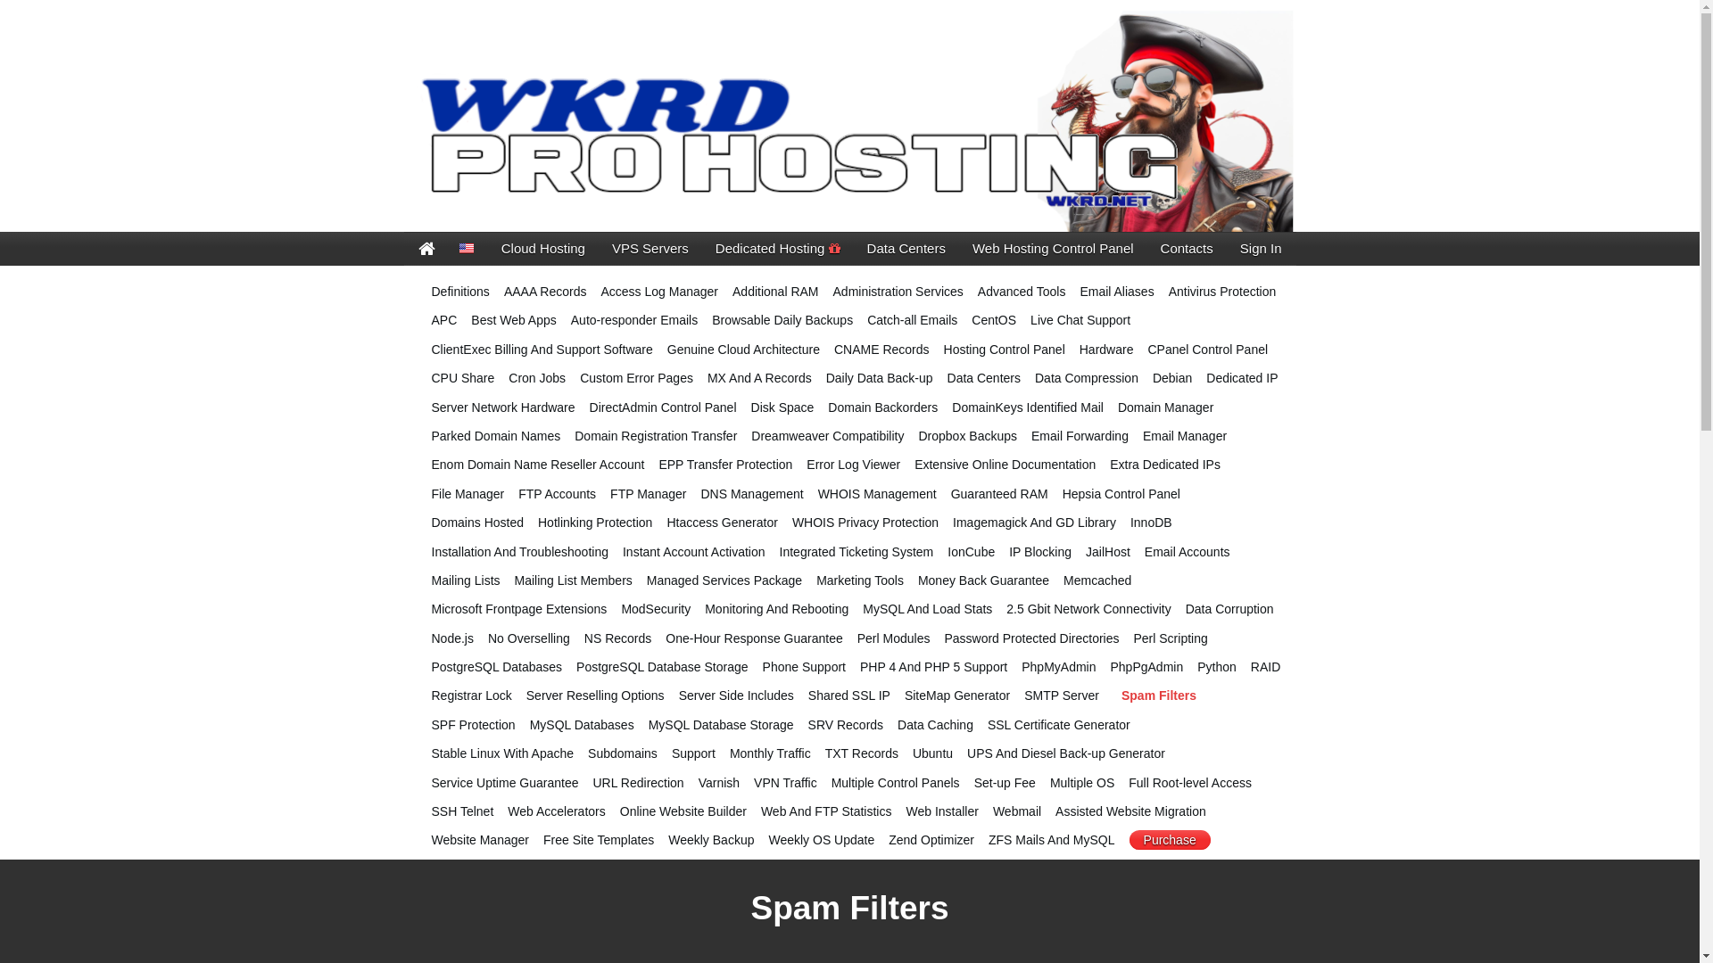 The width and height of the screenshot is (1713, 963). What do you see at coordinates (463, 377) in the screenshot?
I see `'CPU Share'` at bounding box center [463, 377].